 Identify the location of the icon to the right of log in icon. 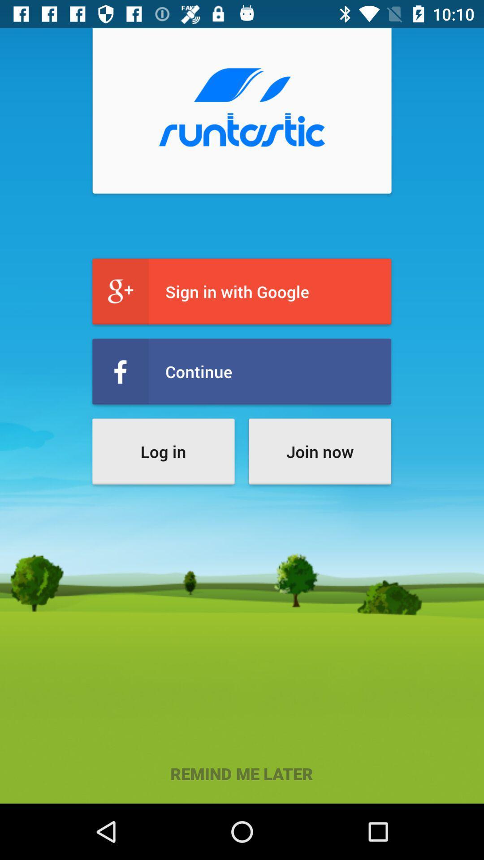
(319, 451).